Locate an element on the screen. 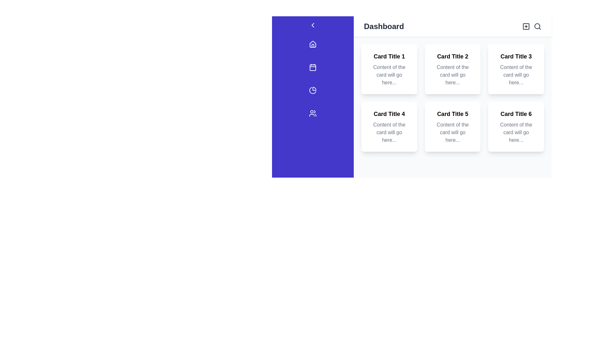 The width and height of the screenshot is (613, 345). the second icon is located at coordinates (313, 67).